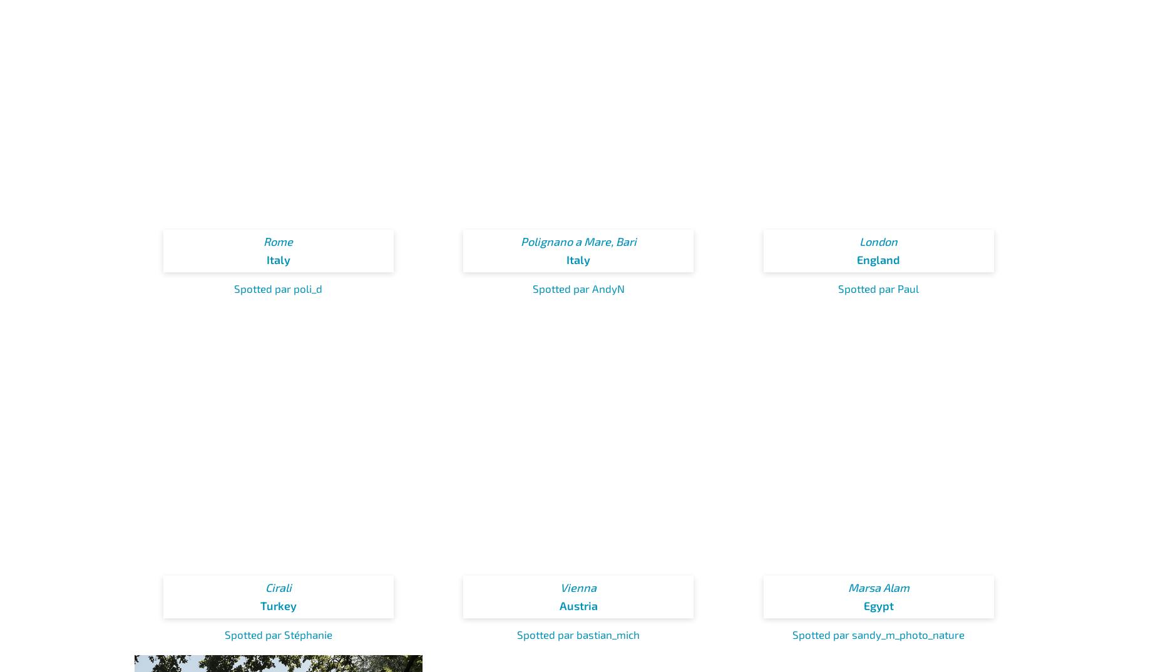  Describe the element at coordinates (878, 587) in the screenshot. I see `'Marsa Alam'` at that location.